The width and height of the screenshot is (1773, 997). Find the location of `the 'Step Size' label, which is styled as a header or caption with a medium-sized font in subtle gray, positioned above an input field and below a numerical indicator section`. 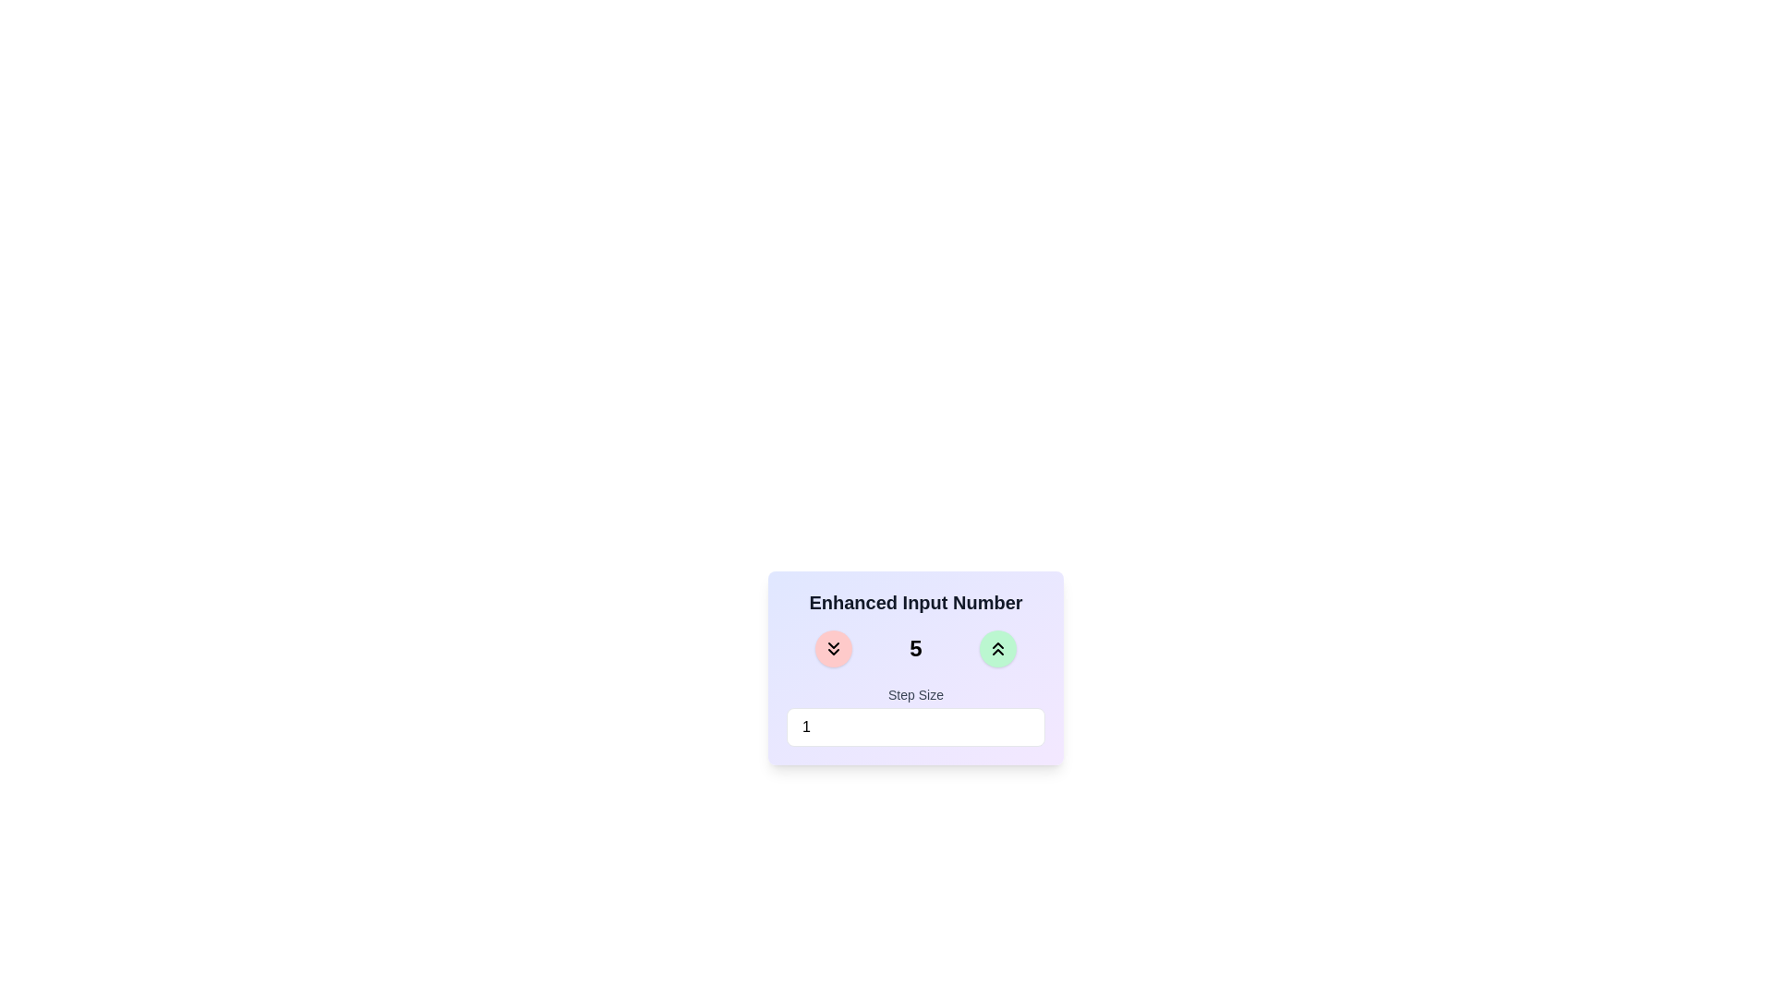

the 'Step Size' label, which is styled as a header or caption with a medium-sized font in subtle gray, positioned above an input field and below a numerical indicator section is located at coordinates (916, 694).